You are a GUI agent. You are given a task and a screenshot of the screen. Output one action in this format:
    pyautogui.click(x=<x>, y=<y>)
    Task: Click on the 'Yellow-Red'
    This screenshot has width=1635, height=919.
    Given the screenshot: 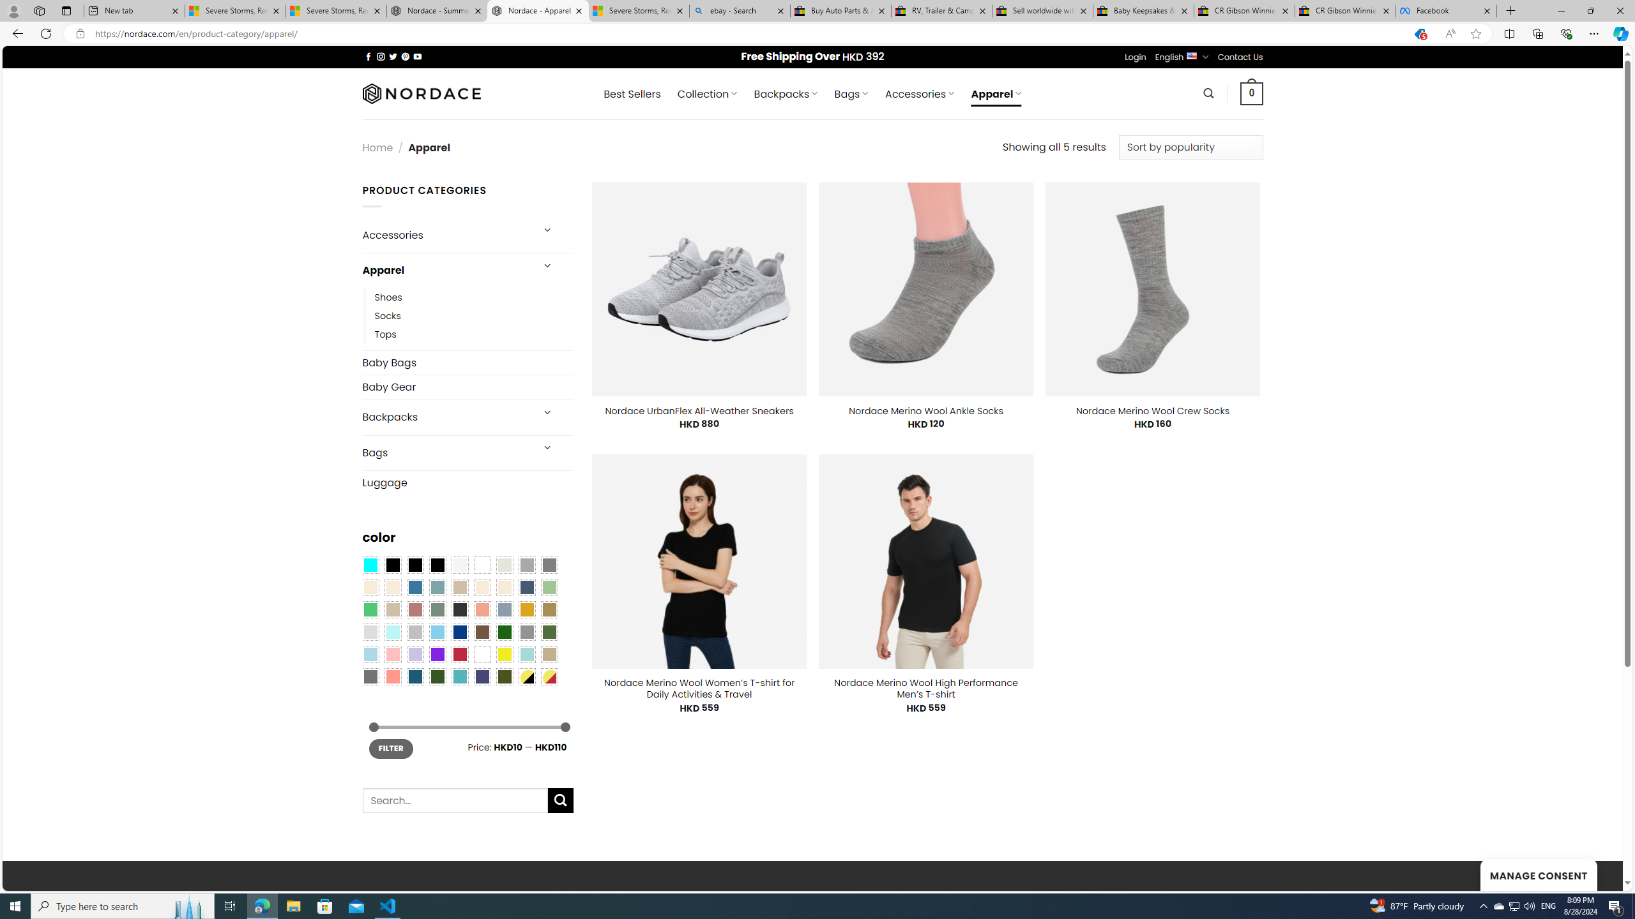 What is the action you would take?
    pyautogui.click(x=549, y=675)
    